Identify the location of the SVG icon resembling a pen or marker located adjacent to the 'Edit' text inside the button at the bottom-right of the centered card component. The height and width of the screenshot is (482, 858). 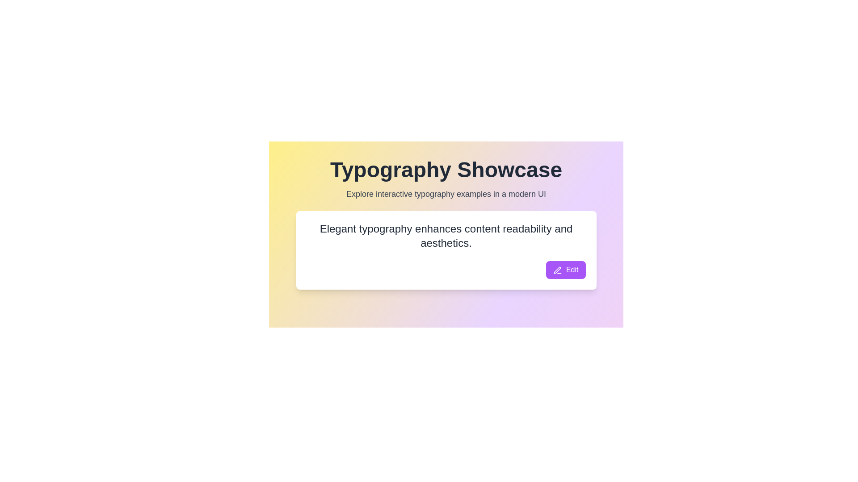
(557, 270).